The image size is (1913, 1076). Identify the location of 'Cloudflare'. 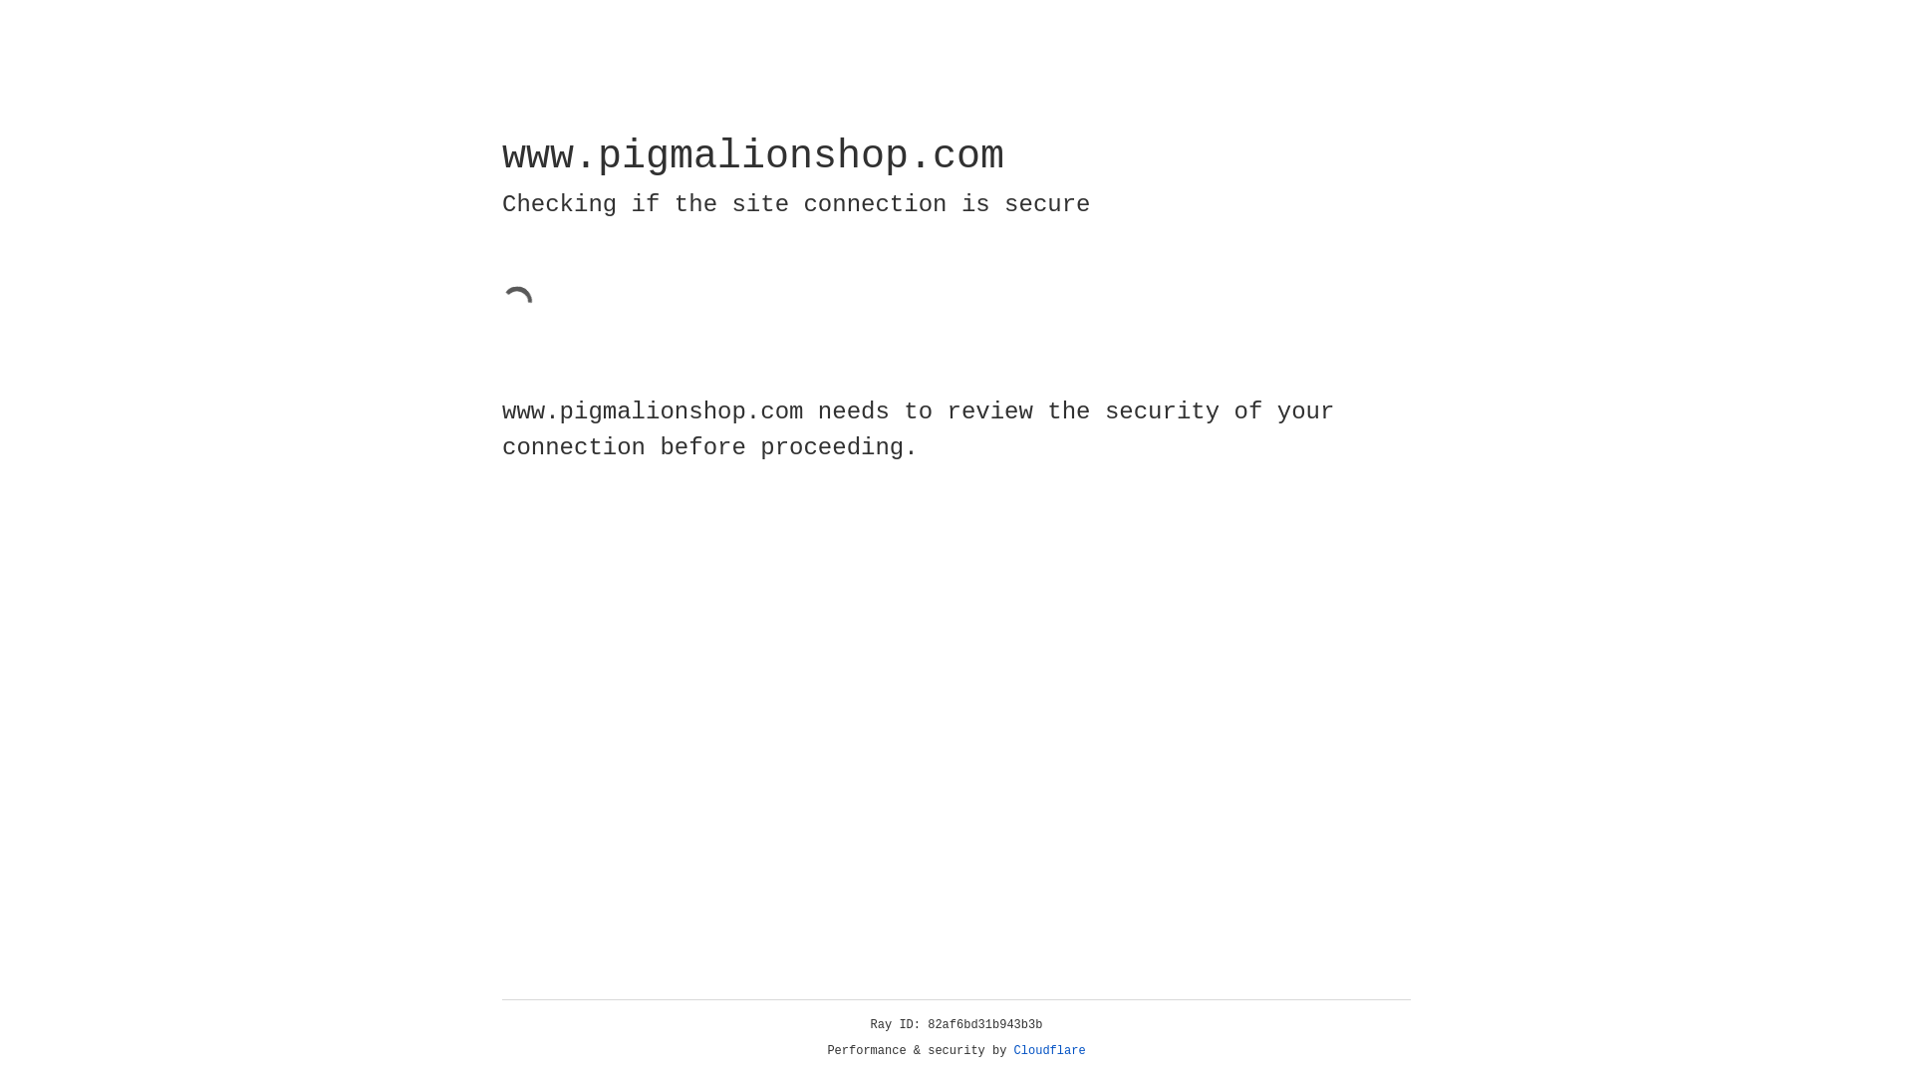
(1049, 1050).